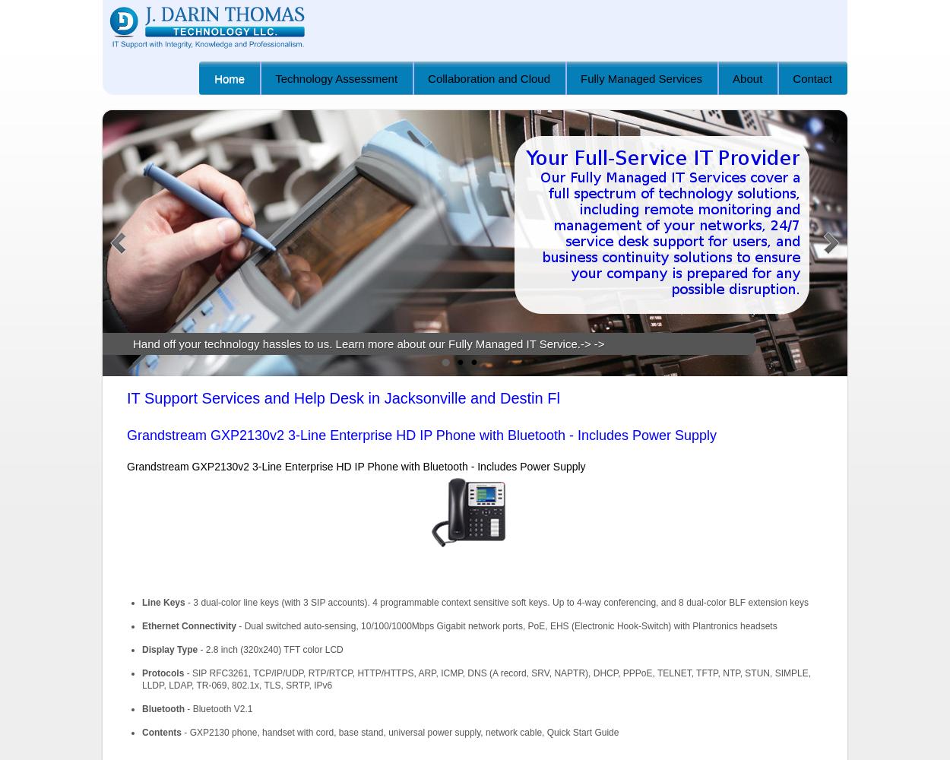 This screenshot has width=950, height=760. I want to click on '- Dual switched auto-sensing, 10/100/1000Mbps Gigabit network ports, PoE, EHS (Electronic Hook-Switch) with Plantronics headsets', so click(506, 625).